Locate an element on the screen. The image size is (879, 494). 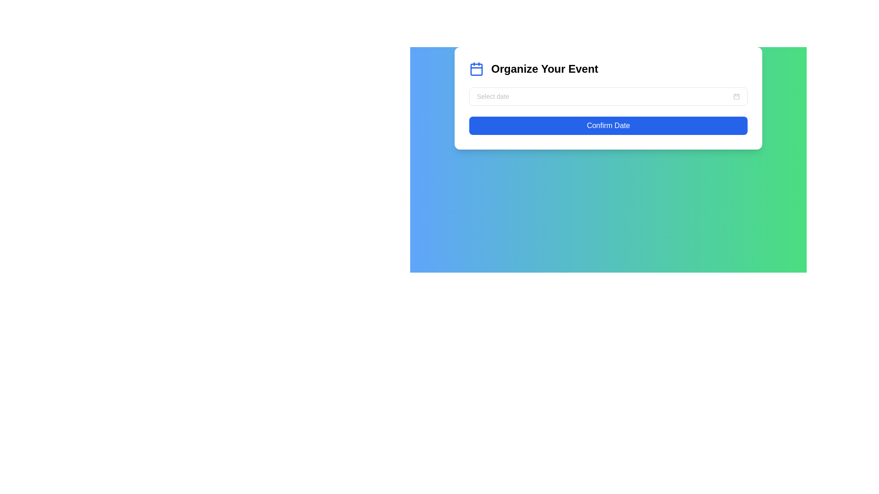
the dropdown menu with calendar functionality located below the 'Organize Your Event' heading and above the 'Confirm Date' button to type or modify the date is located at coordinates (608, 97).